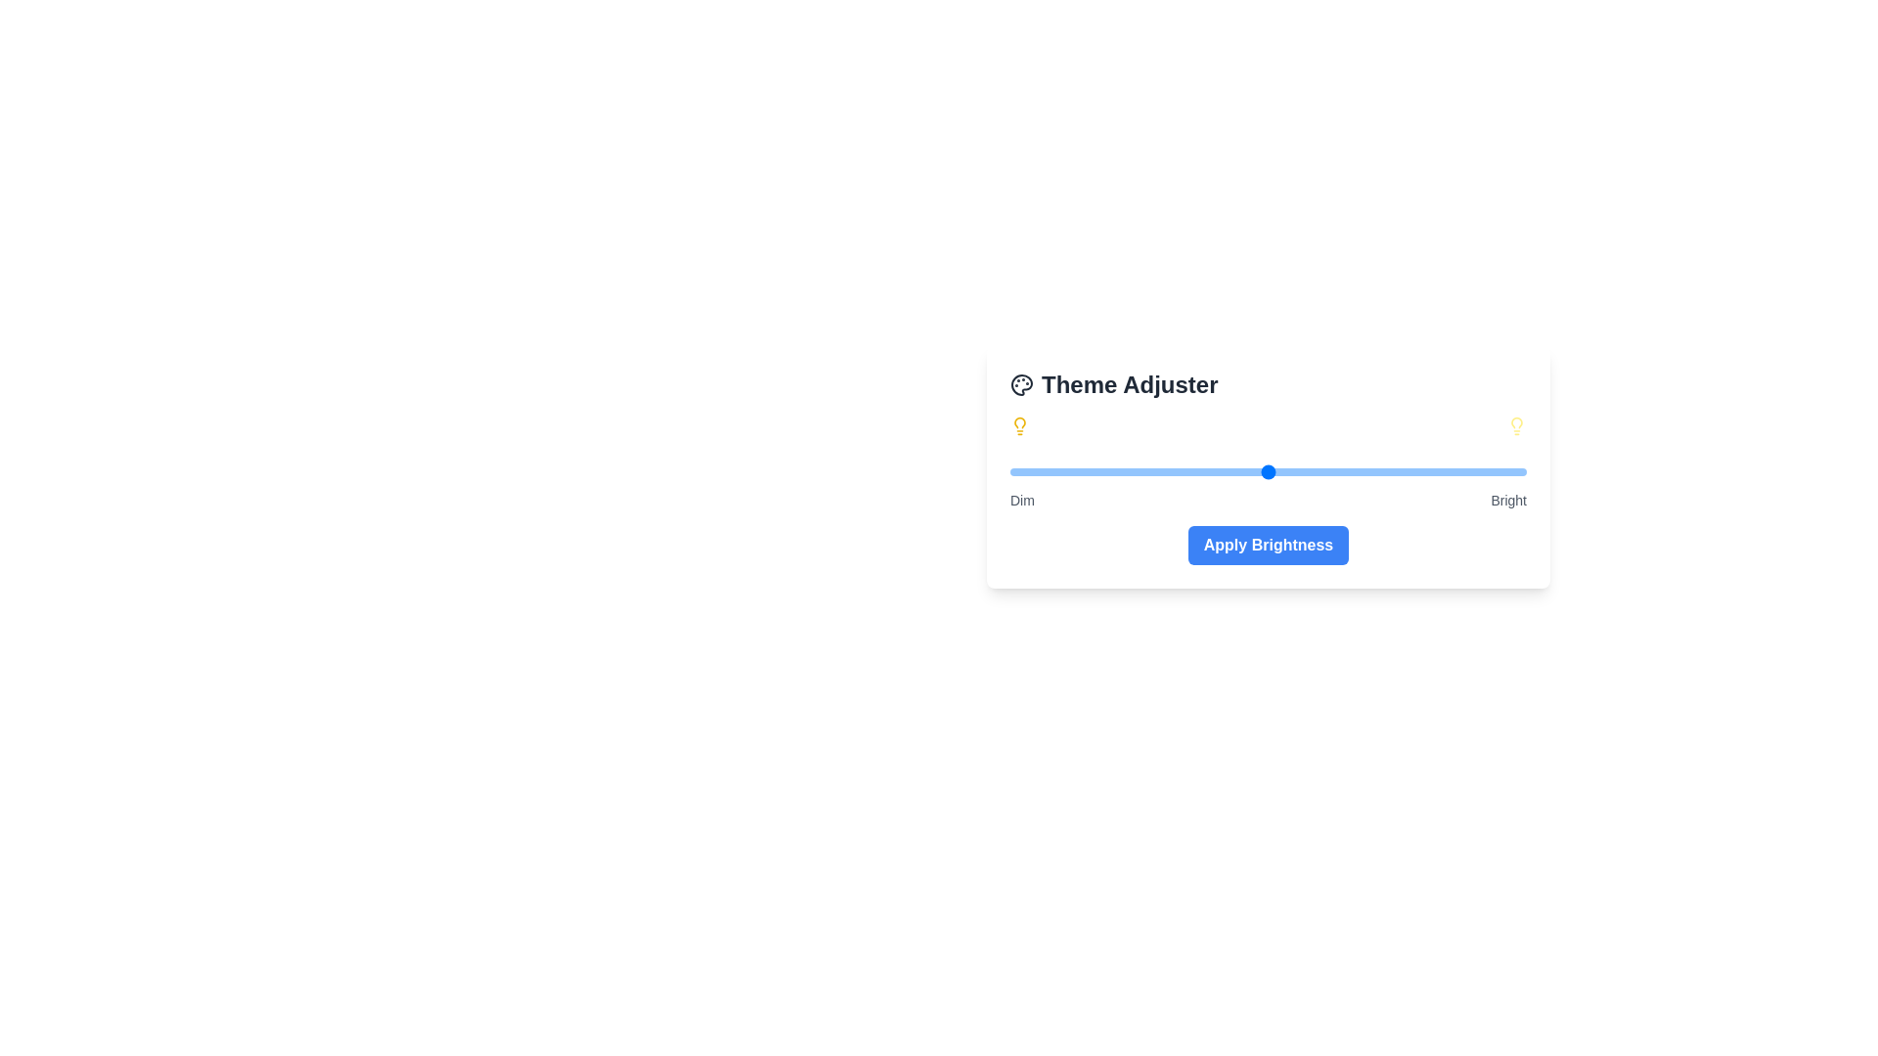 The image size is (1878, 1056). What do you see at coordinates (1469, 471) in the screenshot?
I see `the brightness slider to 89%` at bounding box center [1469, 471].